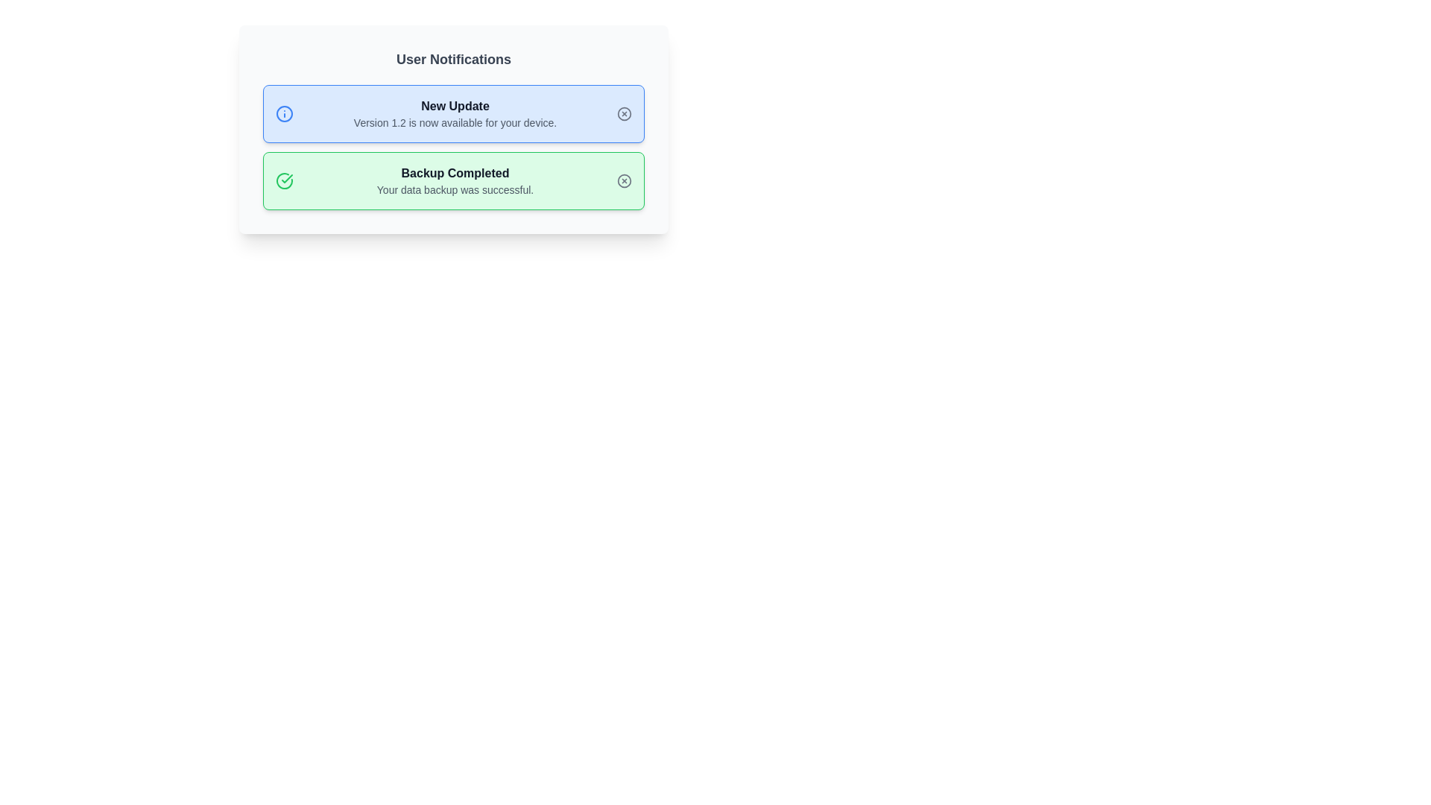  What do you see at coordinates (454, 122) in the screenshot?
I see `the Text Label that displays 'Version 1.2 is now available for your device.' which is styled in gray and positioned inside a blue card layout beneath the title 'New Update'` at bounding box center [454, 122].